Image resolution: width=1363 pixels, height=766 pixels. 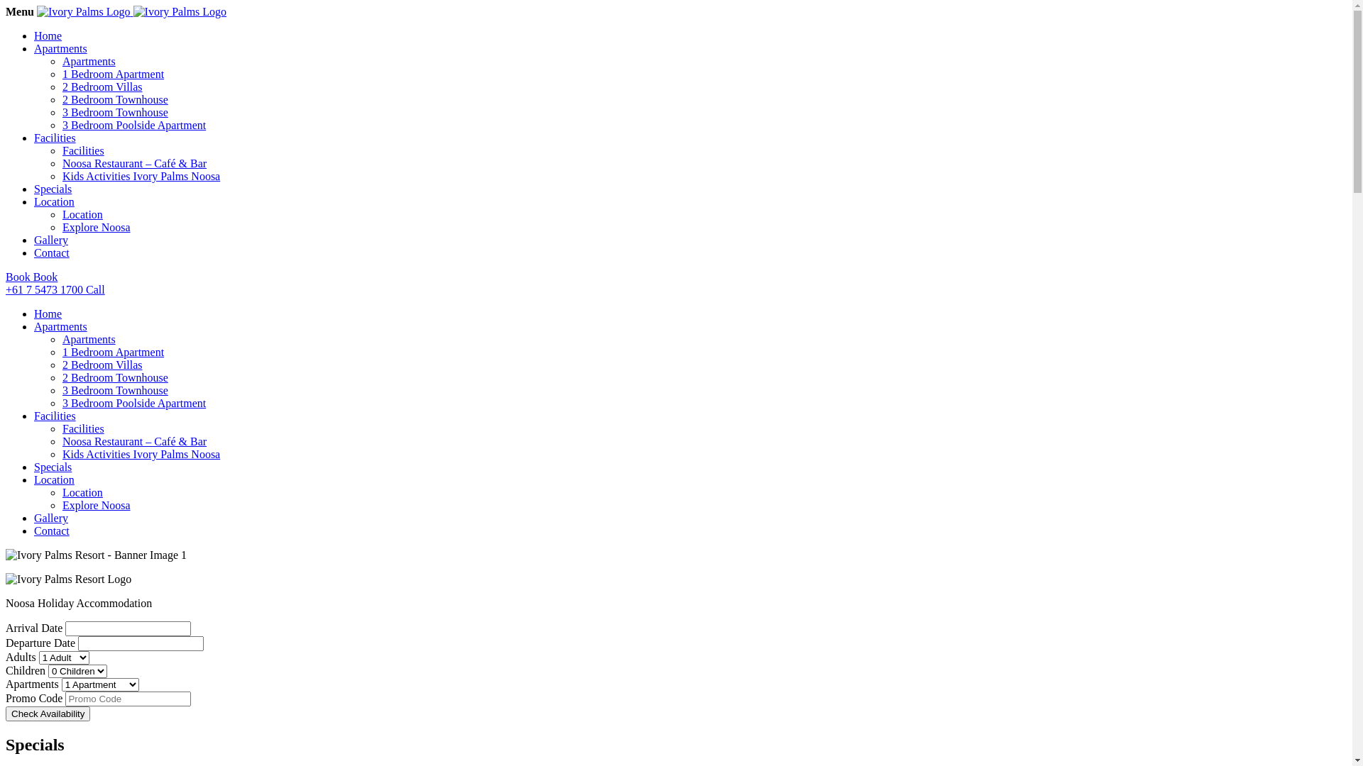 What do you see at coordinates (95, 504) in the screenshot?
I see `'Explore Noosa'` at bounding box center [95, 504].